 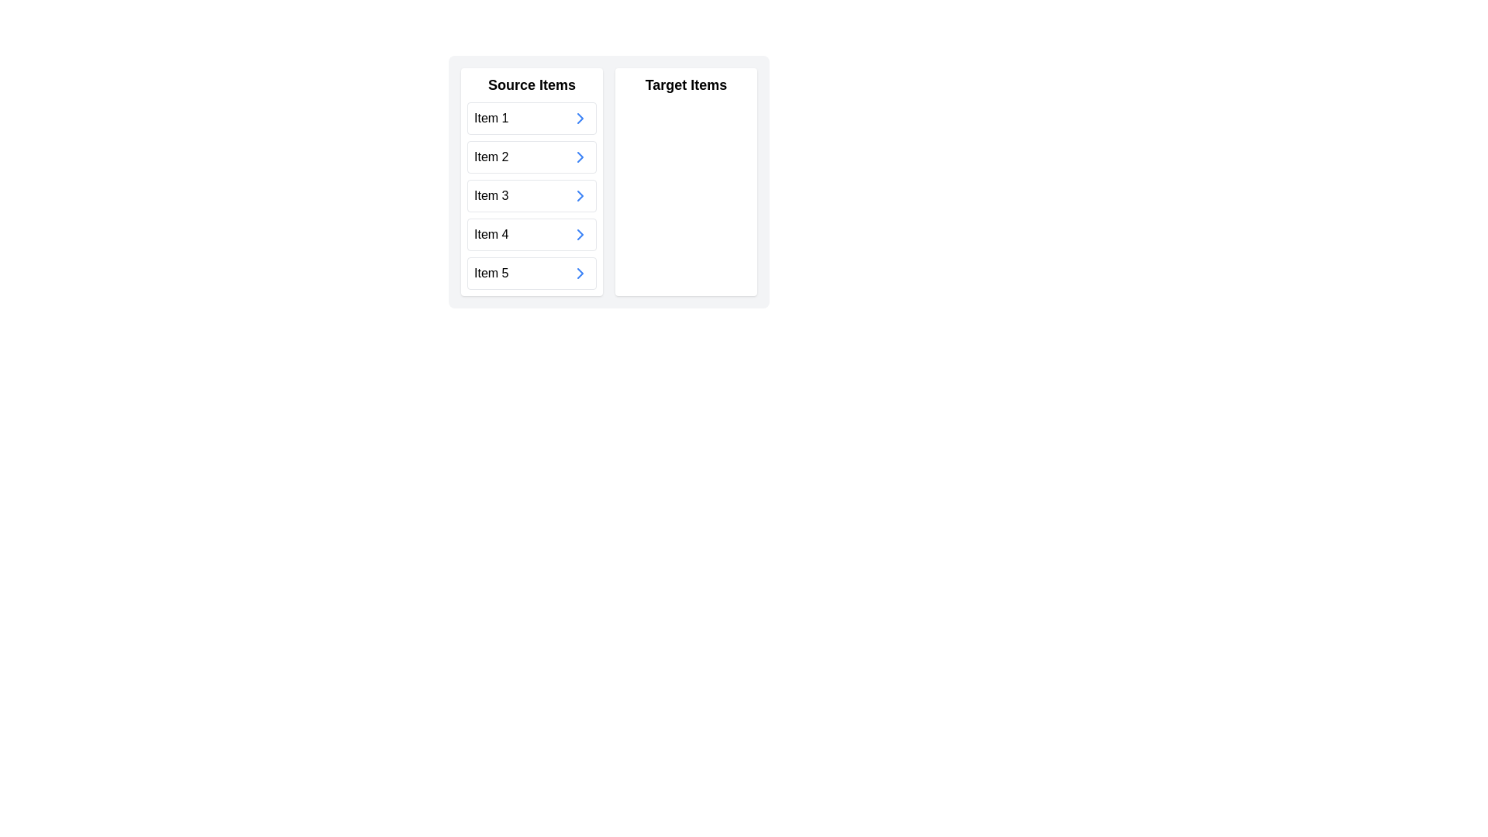 I want to click on the first item, so click(x=532, y=118).